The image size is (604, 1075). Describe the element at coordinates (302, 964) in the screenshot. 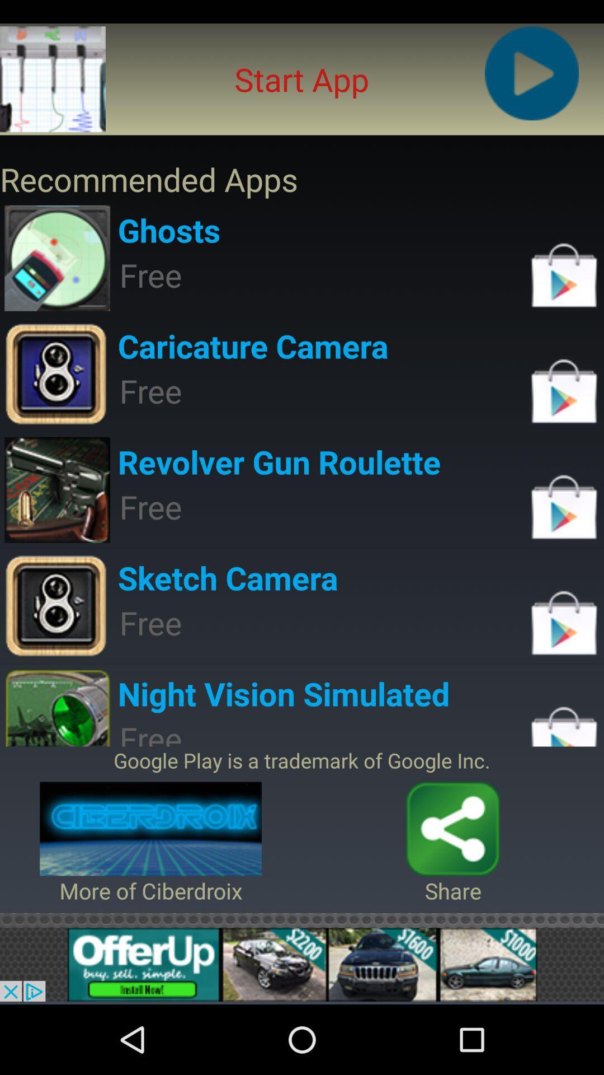

I see `advertisement click option` at that location.